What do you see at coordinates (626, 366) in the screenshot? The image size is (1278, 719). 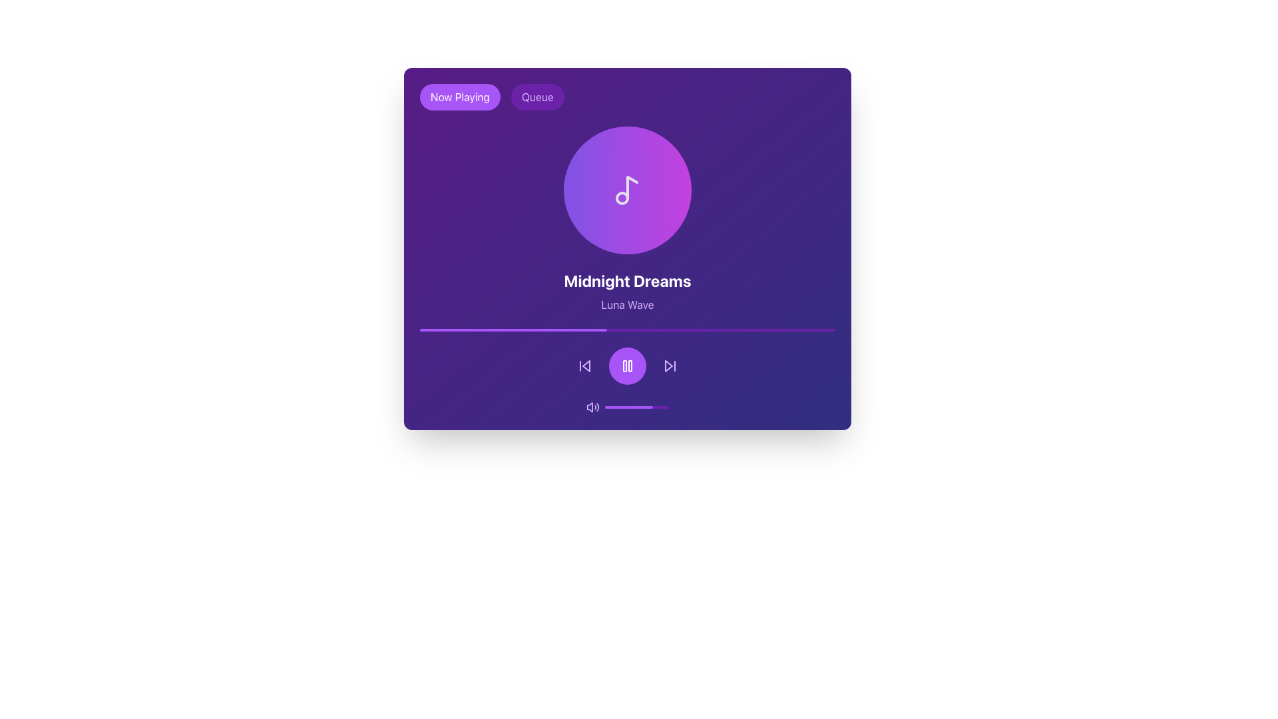 I see `the pause/play button located at the center of the music player interface to interact with the keyboard` at bounding box center [626, 366].